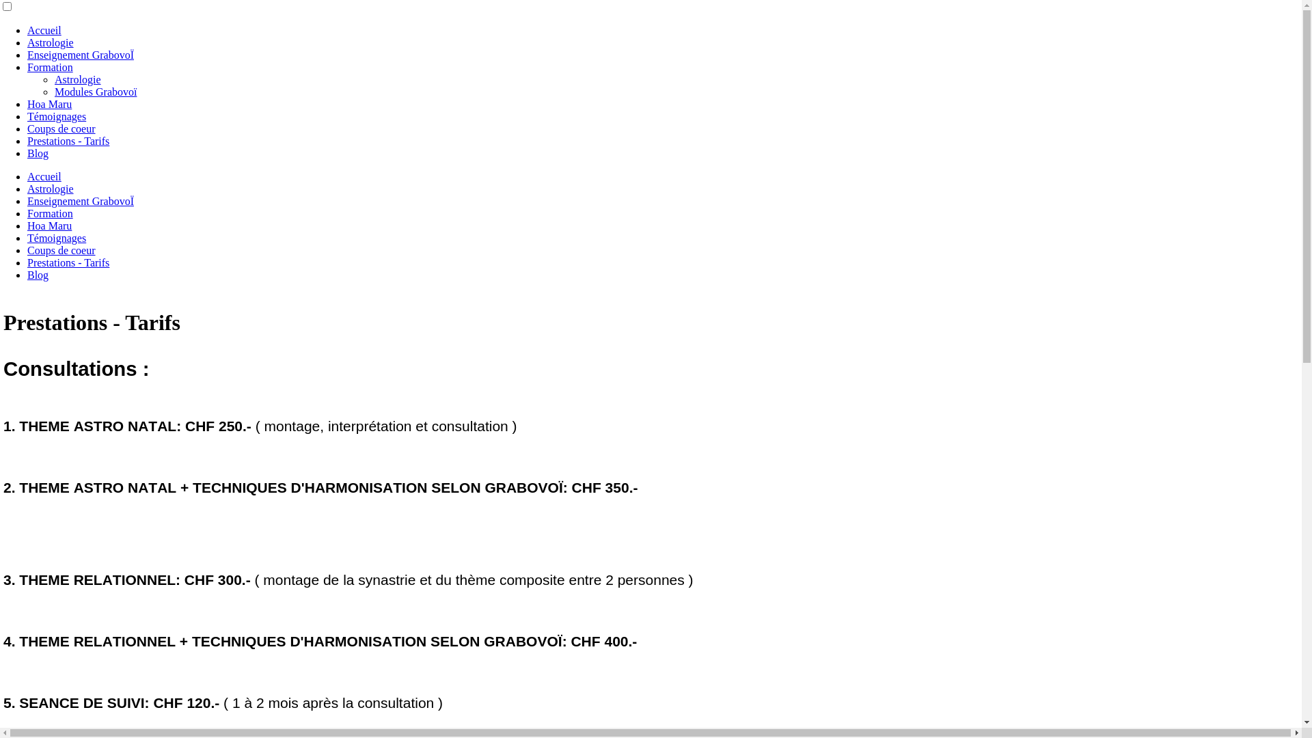  I want to click on 'Blog', so click(38, 153).